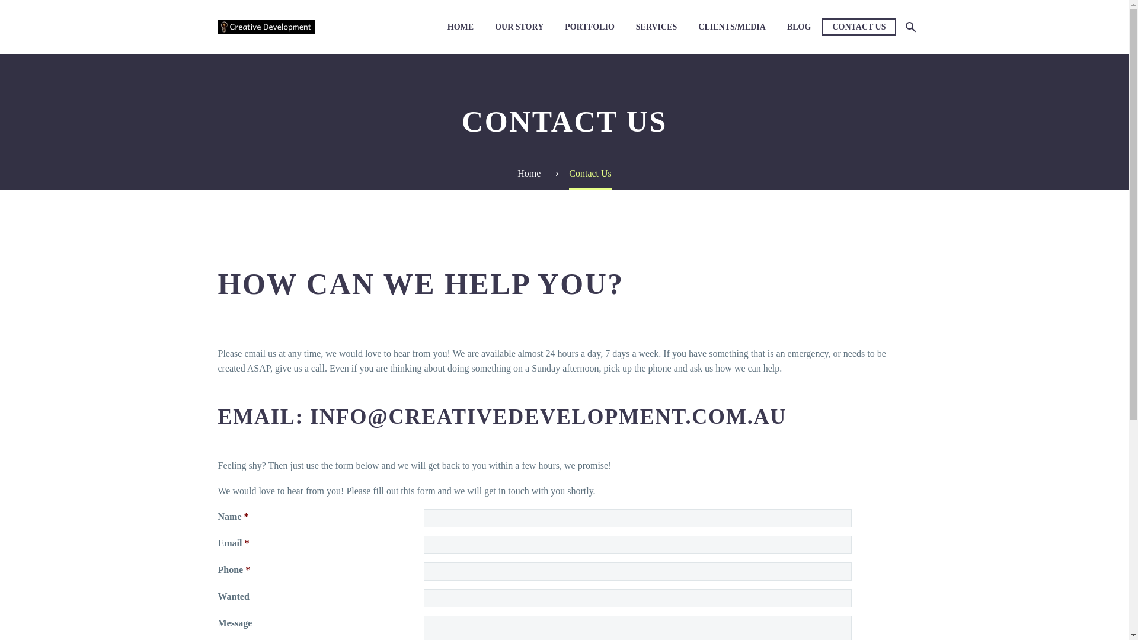 Image resolution: width=1138 pixels, height=640 pixels. What do you see at coordinates (626, 27) in the screenshot?
I see `'SERVICES'` at bounding box center [626, 27].